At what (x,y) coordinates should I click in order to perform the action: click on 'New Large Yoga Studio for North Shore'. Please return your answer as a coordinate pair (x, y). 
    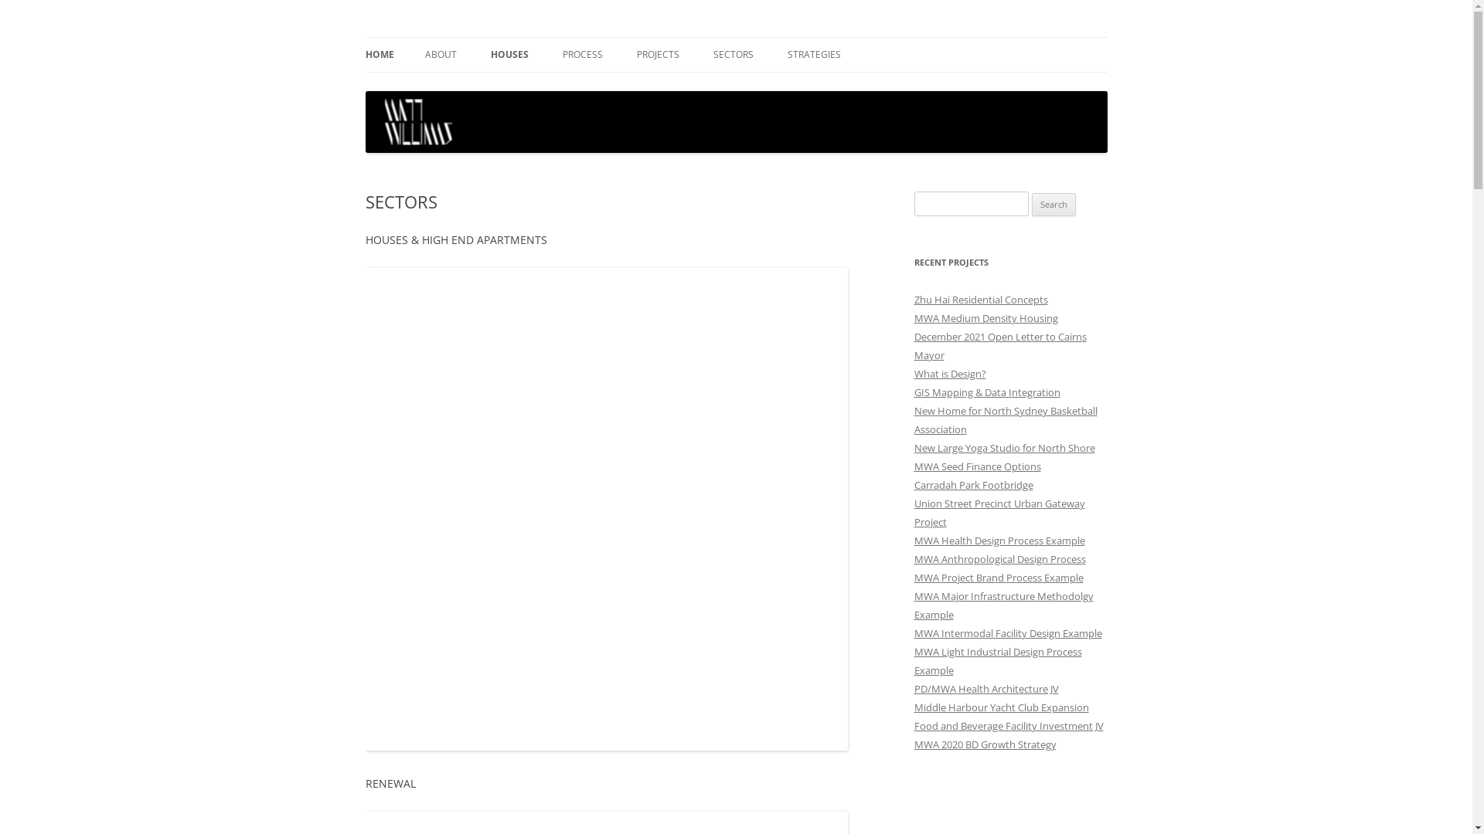
    Looking at the image, I should click on (913, 447).